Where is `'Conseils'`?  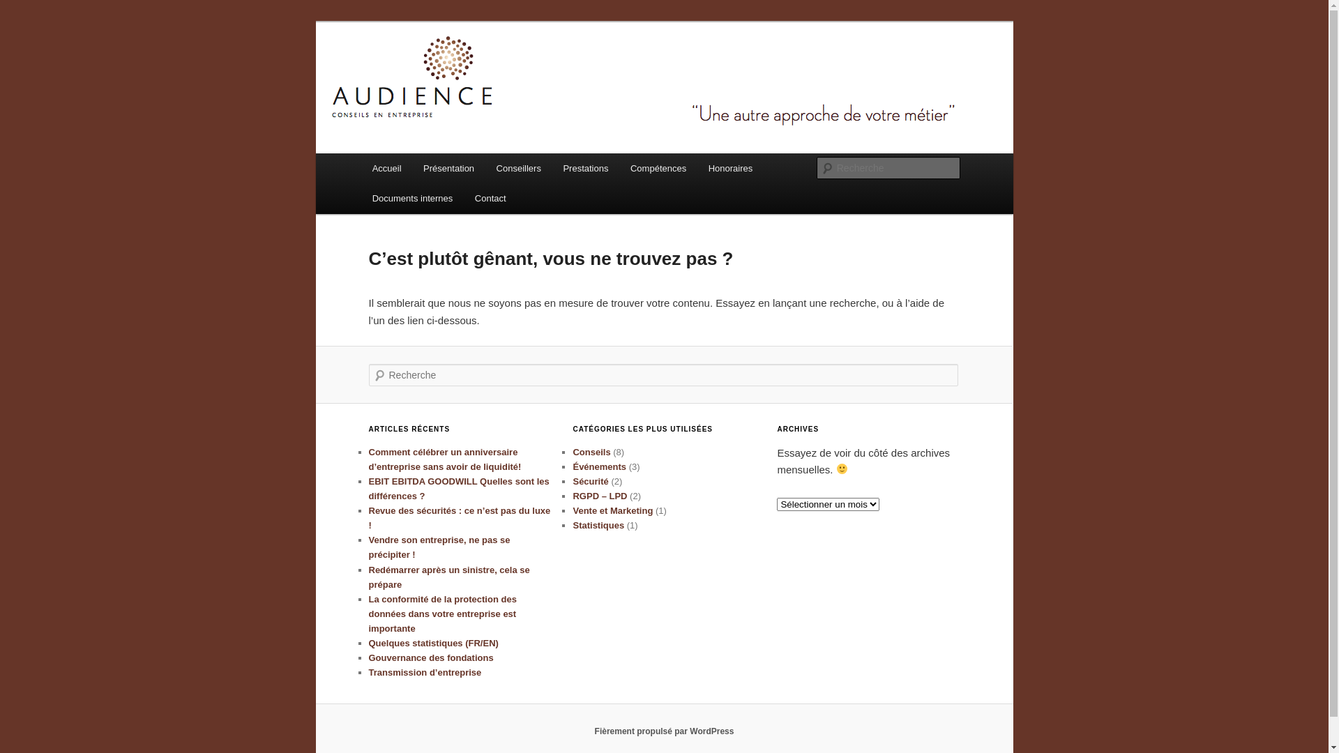
'Conseils' is located at coordinates (572, 452).